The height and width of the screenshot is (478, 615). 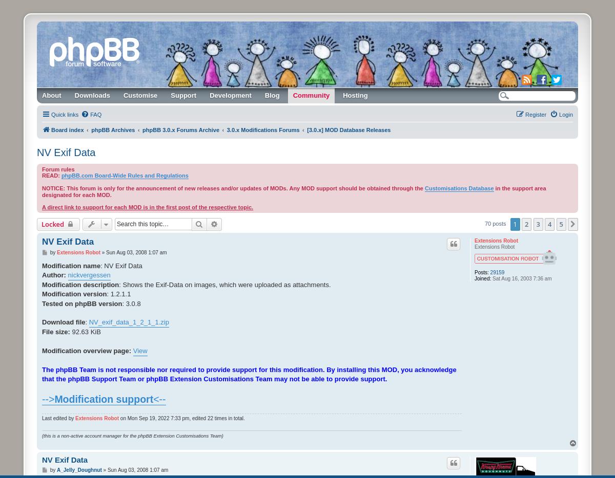 I want to click on 'Locked', so click(x=42, y=224).